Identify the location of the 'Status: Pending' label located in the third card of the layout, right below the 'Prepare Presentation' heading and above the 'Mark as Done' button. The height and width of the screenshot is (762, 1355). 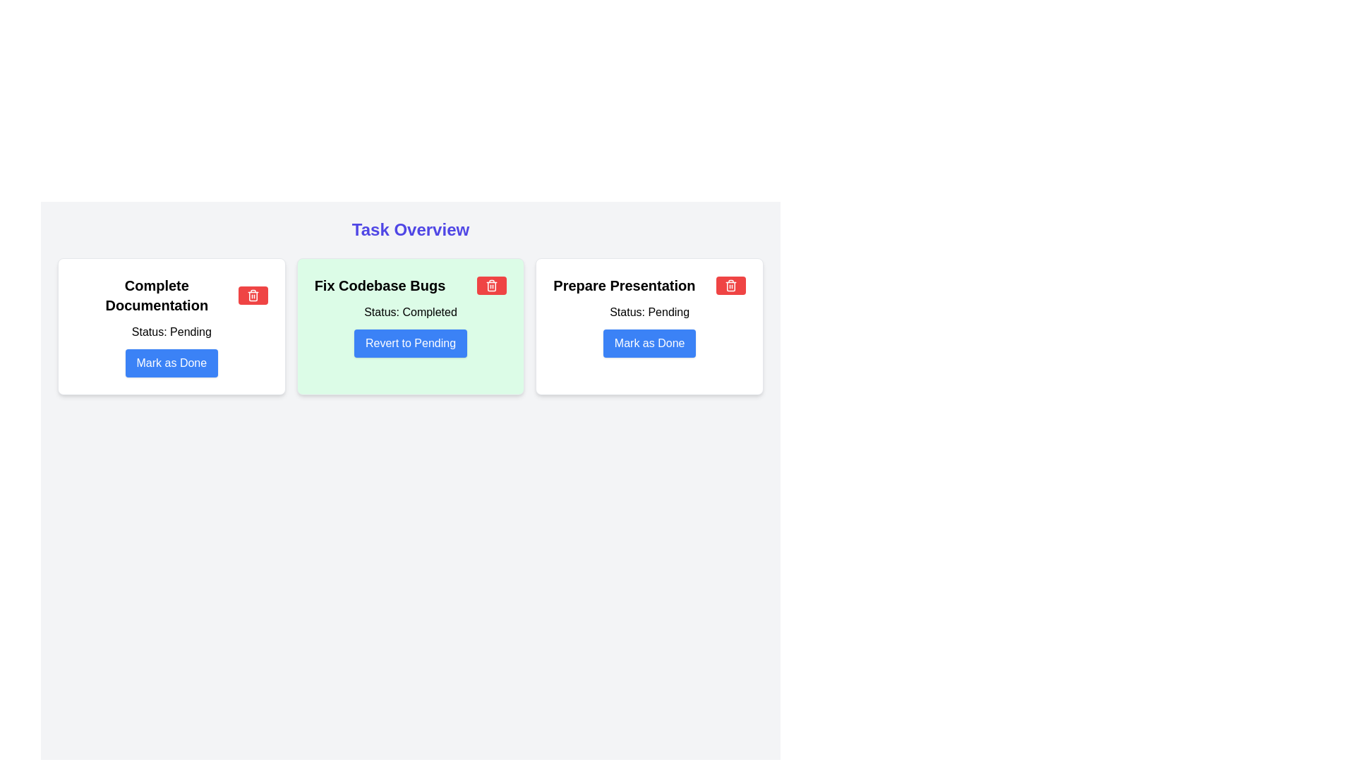
(649, 312).